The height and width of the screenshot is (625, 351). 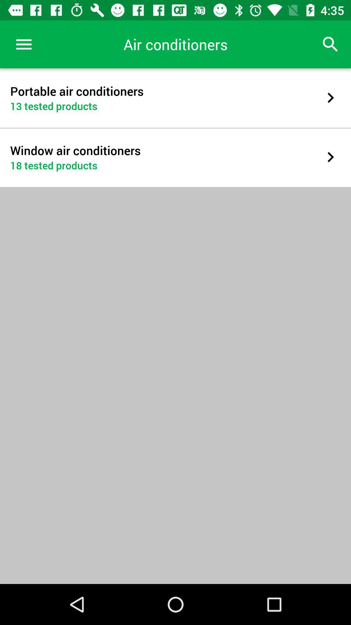 What do you see at coordinates (23, 44) in the screenshot?
I see `icon to the left of air conditioners icon` at bounding box center [23, 44].